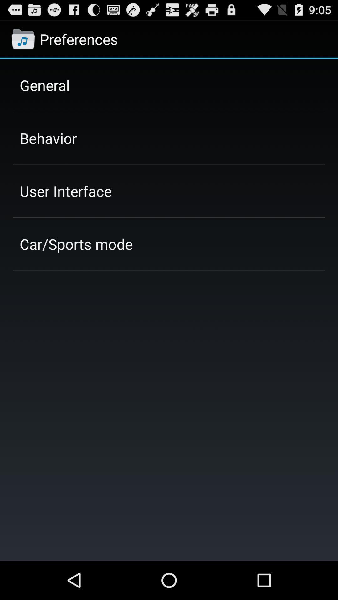 The image size is (338, 600). I want to click on the icon below the general icon, so click(48, 138).